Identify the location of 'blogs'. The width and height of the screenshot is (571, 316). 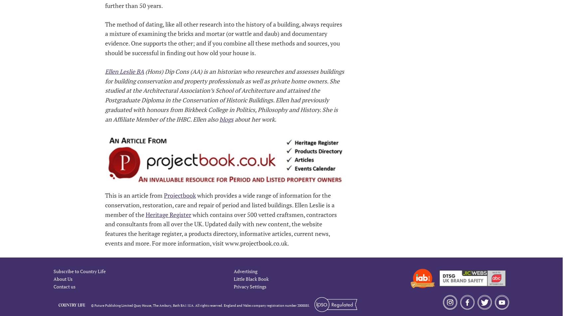
(226, 119).